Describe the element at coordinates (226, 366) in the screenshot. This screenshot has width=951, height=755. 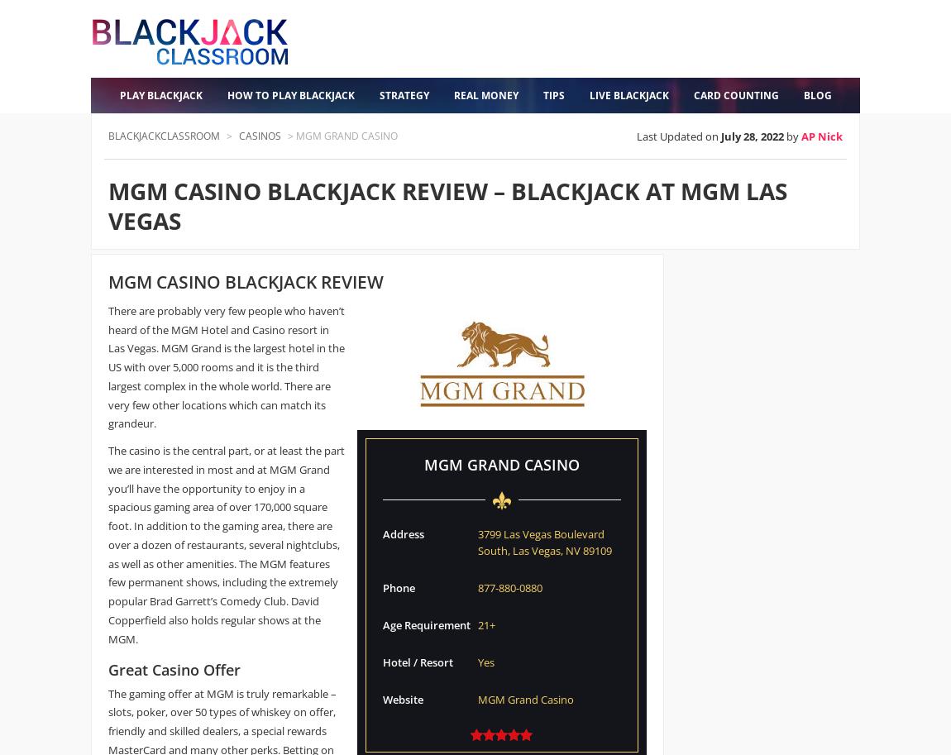
I see `'There are probably very few people who haven’t heard of the MGM Hotel and Casino resort in Las Vegas. MGM Grand is the largest hotel in the US with over 5,000 rooms and it is the third largest complex in the whole world. There are very few other locations which can match its grandeur.'` at that location.